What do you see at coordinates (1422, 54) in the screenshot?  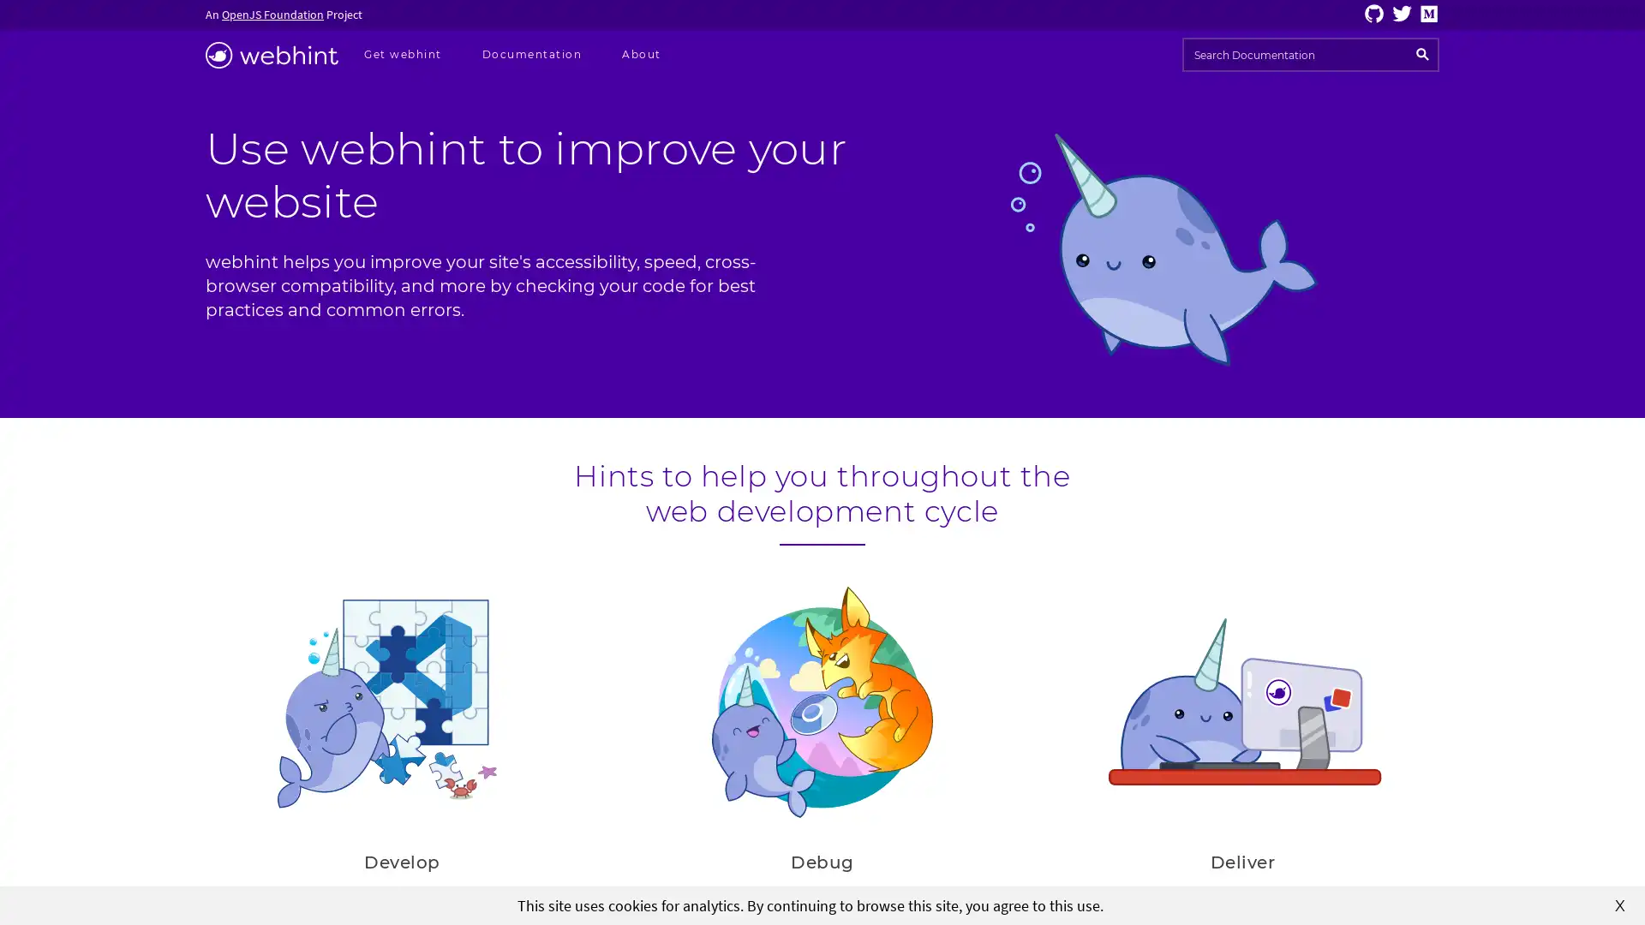 I see `search` at bounding box center [1422, 54].